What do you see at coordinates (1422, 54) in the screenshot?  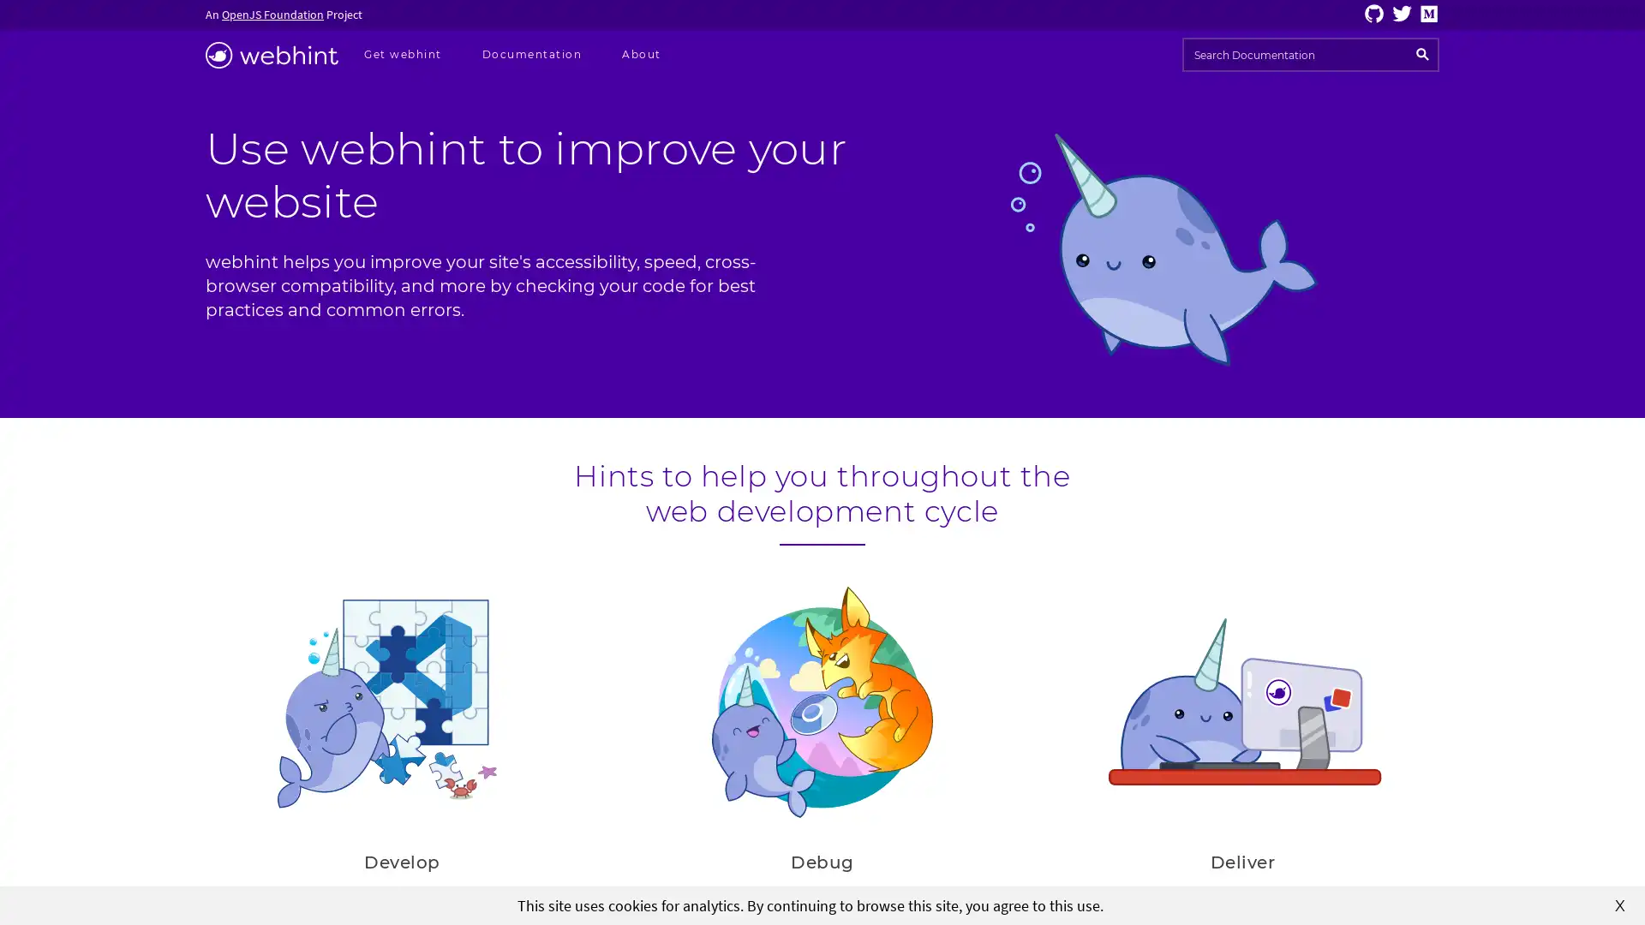 I see `search` at bounding box center [1422, 54].